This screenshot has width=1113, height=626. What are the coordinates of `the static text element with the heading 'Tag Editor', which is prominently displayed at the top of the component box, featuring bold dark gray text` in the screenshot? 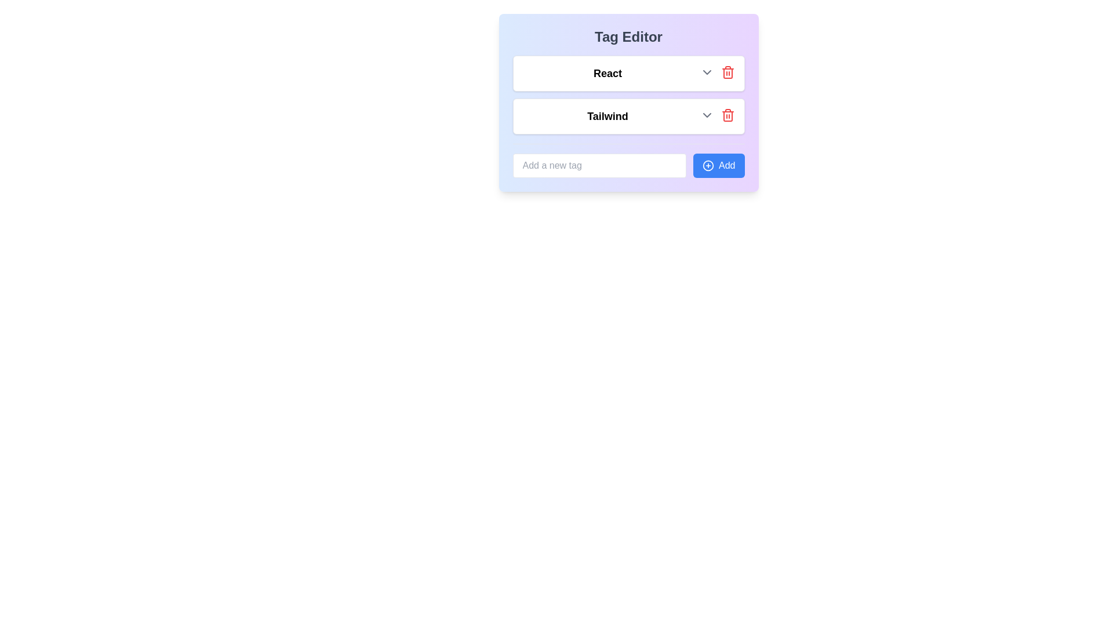 It's located at (628, 37).